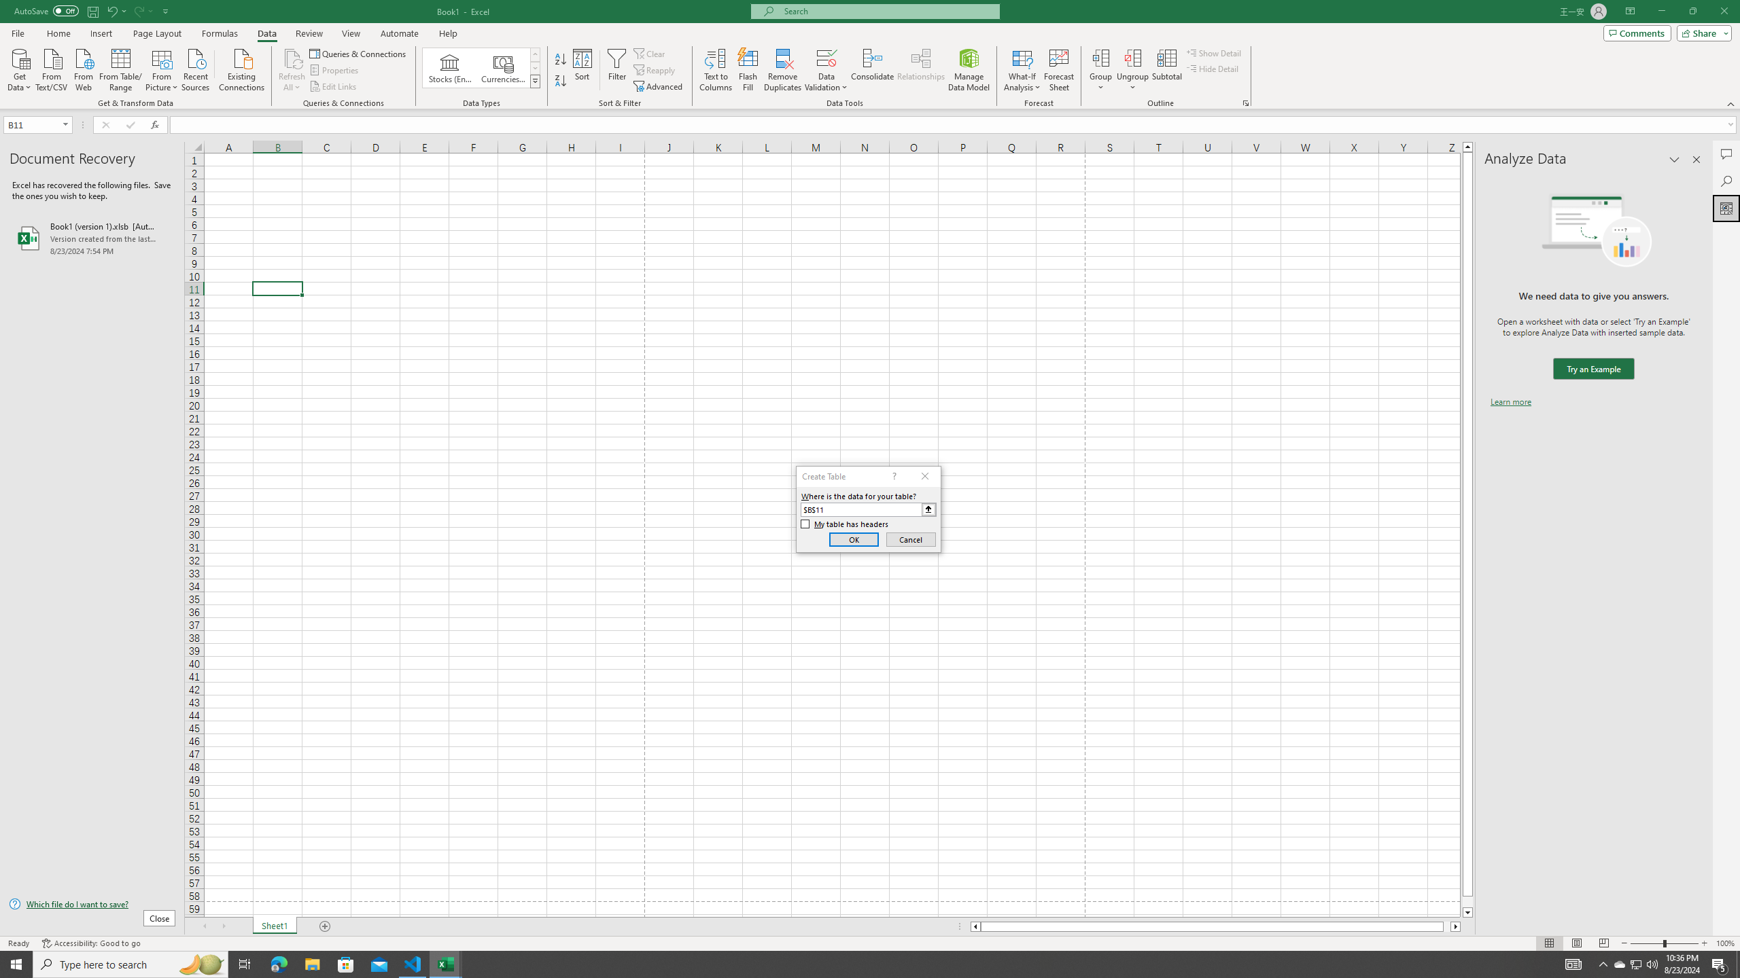  I want to click on 'Ungroup...', so click(1132, 57).